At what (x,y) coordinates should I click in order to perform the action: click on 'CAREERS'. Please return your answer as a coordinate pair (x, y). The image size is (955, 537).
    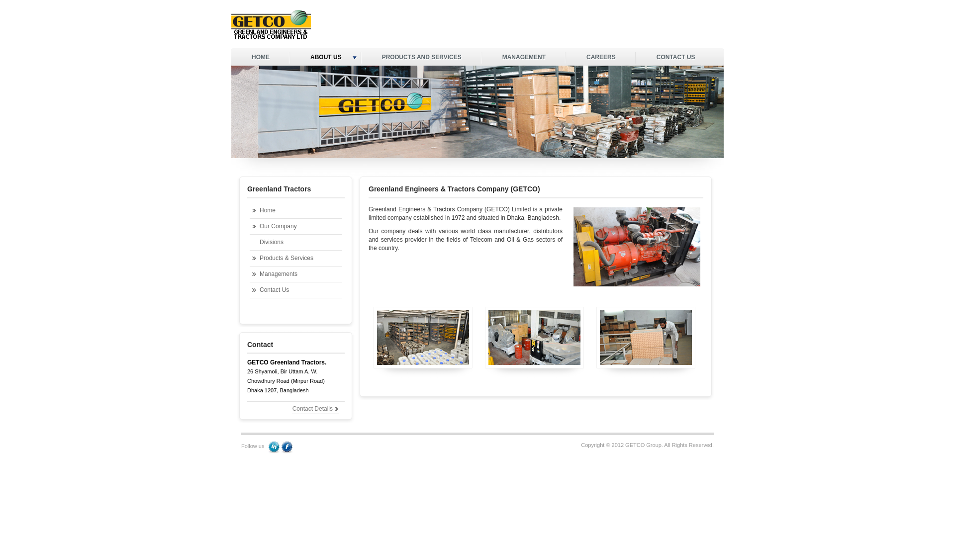
    Looking at the image, I should click on (600, 58).